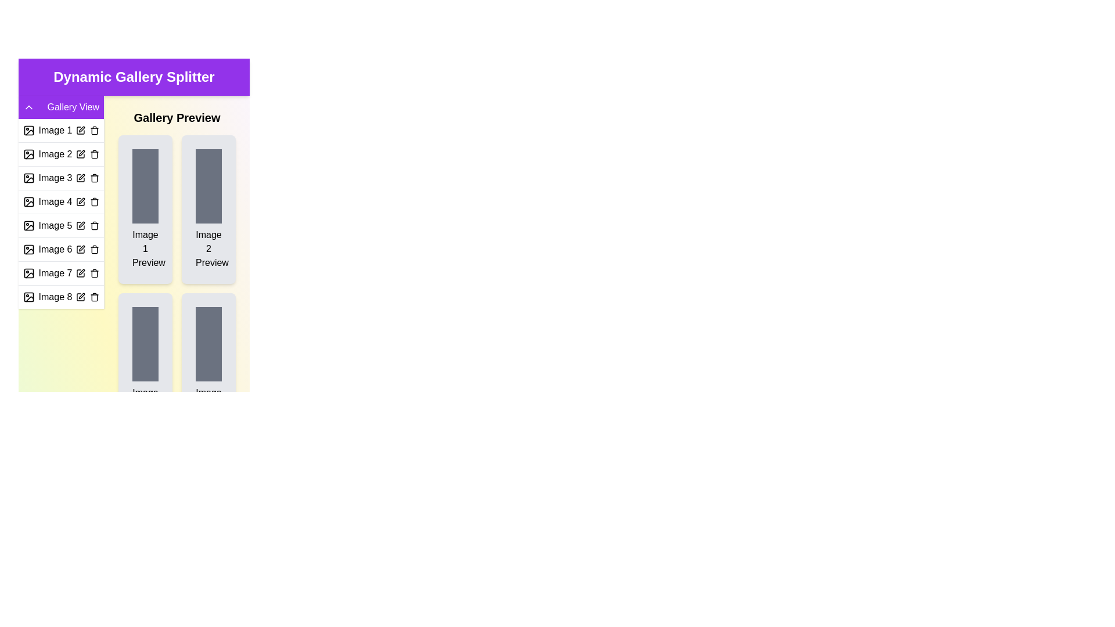 Image resolution: width=1115 pixels, height=627 pixels. Describe the element at coordinates (28, 154) in the screenshot. I see `the icon associated with 'Image 2' in the 'Gallery View' section` at that location.